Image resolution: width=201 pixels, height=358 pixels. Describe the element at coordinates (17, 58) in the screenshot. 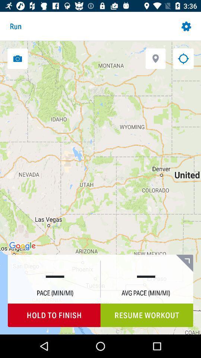

I see `photograph` at that location.